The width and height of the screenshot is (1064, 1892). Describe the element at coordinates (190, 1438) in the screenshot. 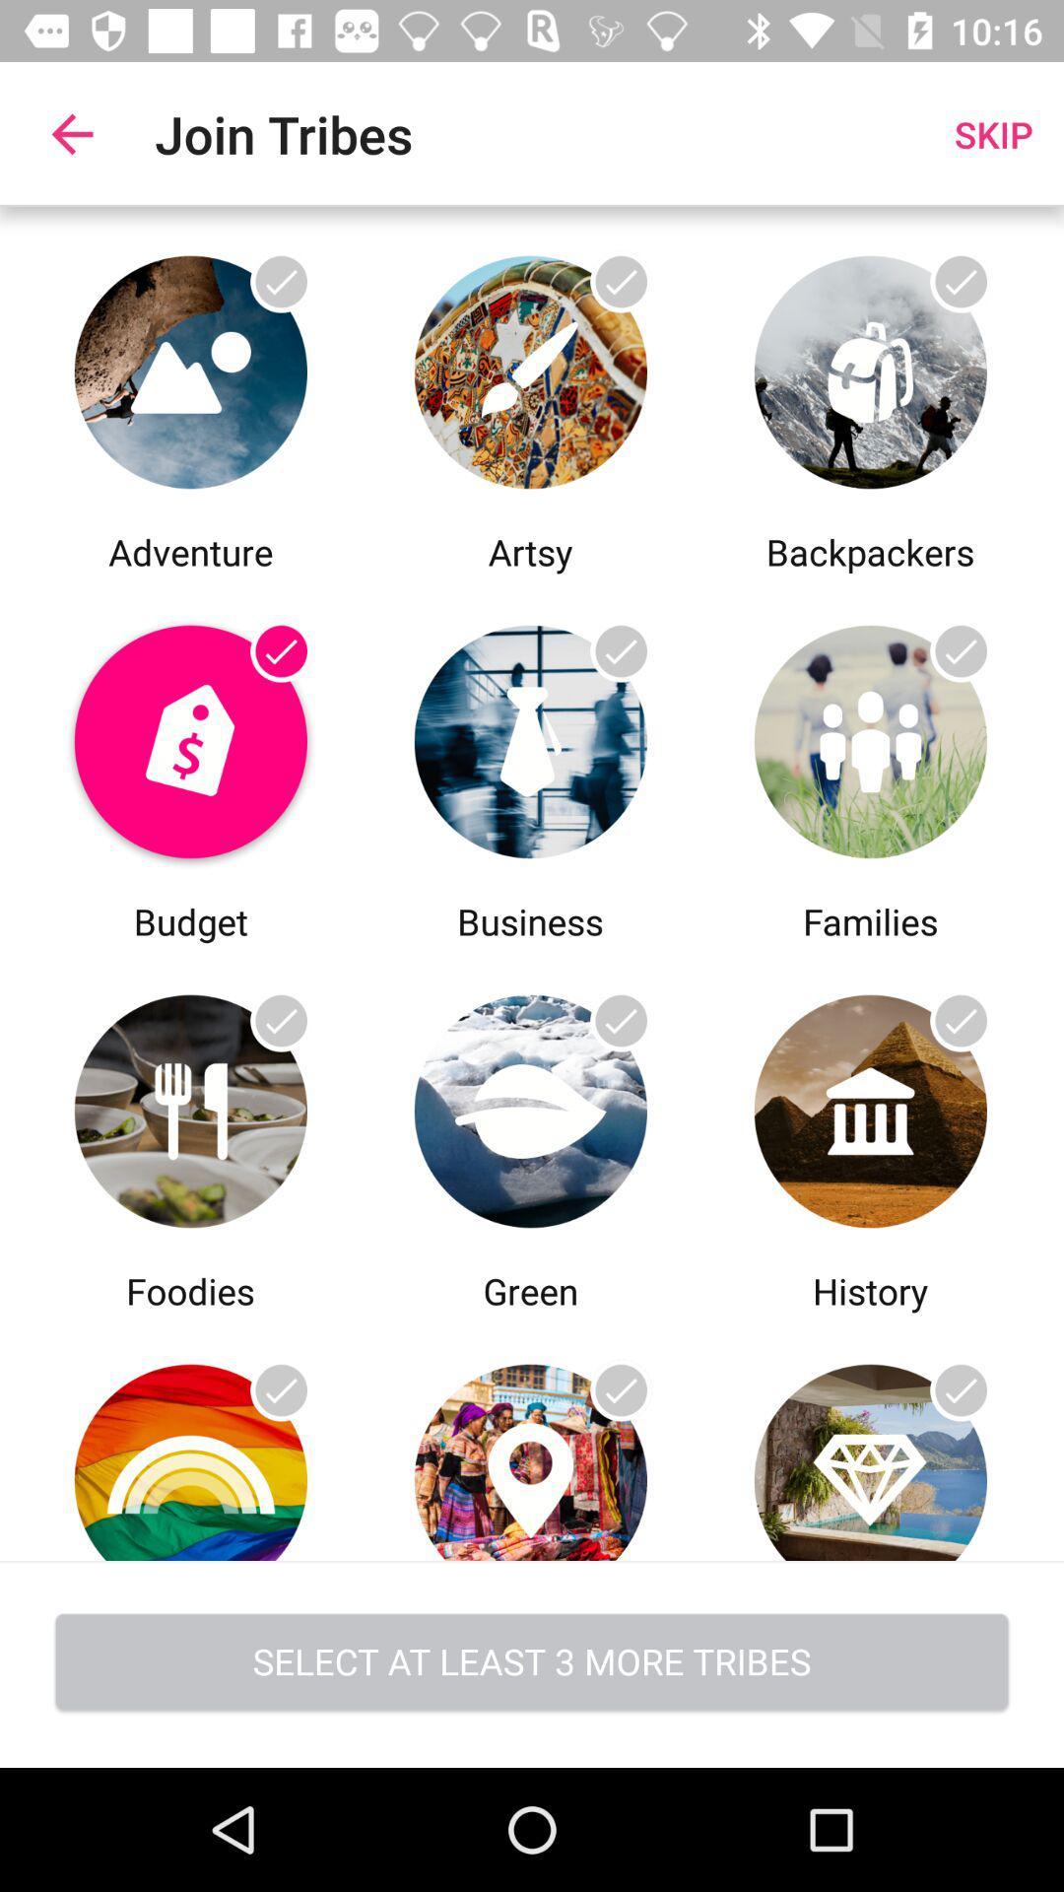

I see `foodies` at that location.